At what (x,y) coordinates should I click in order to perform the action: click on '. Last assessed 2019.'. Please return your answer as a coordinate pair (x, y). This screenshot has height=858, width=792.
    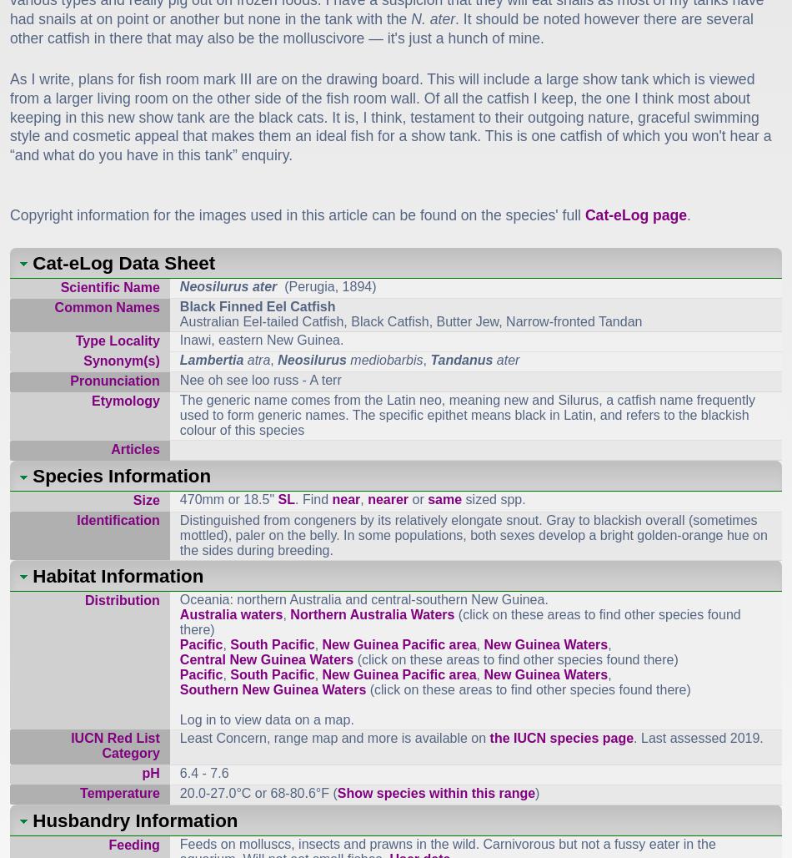
    Looking at the image, I should click on (697, 736).